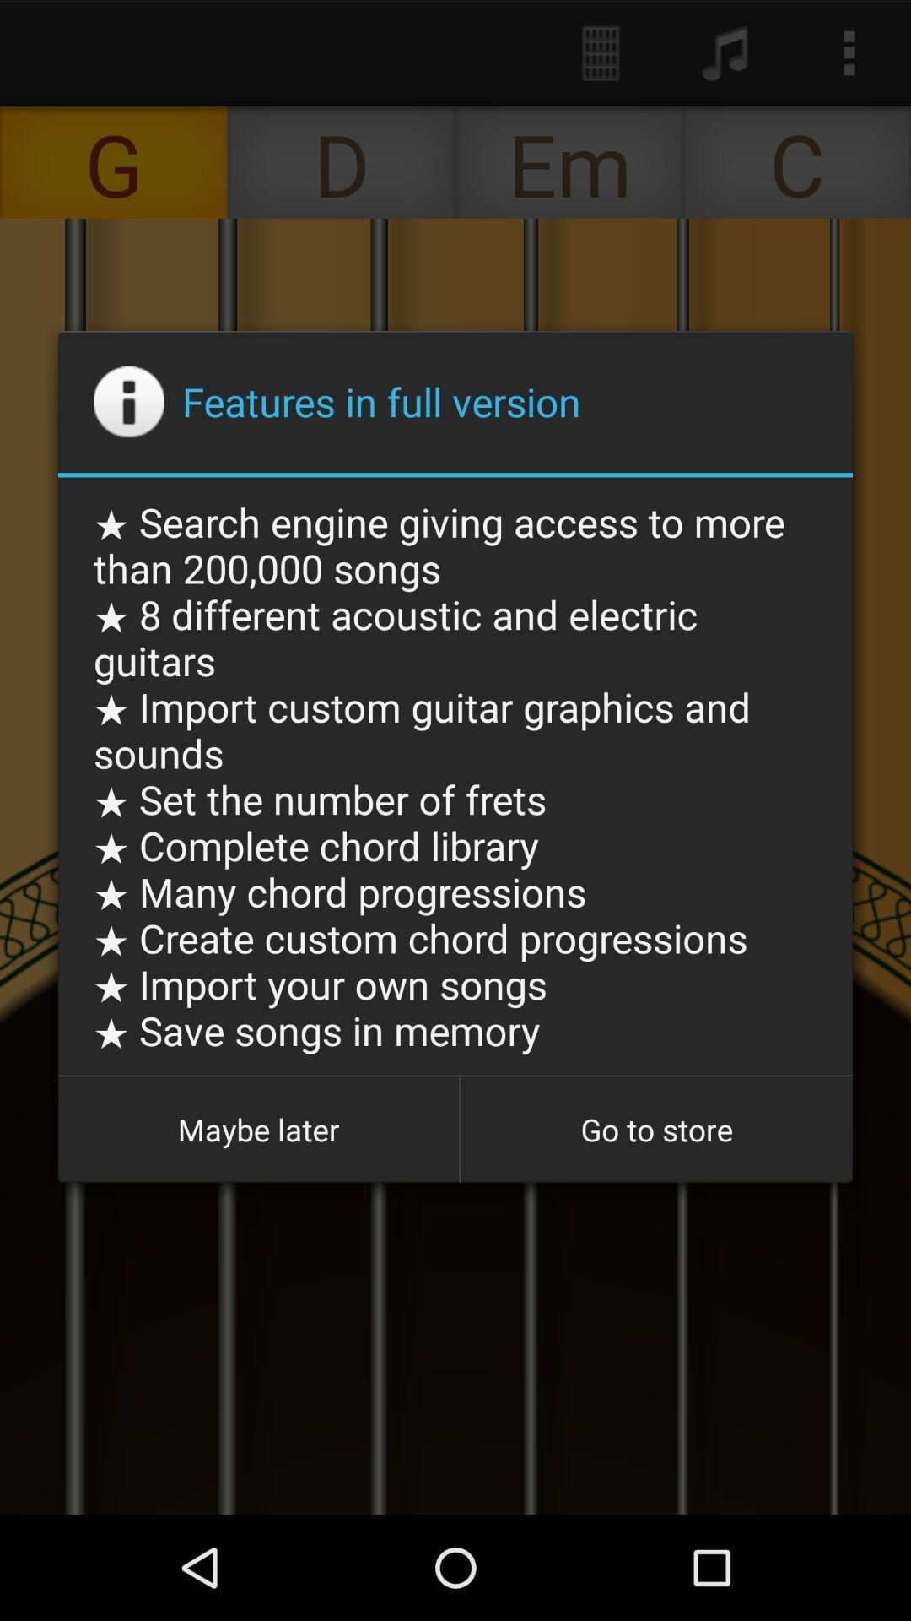 This screenshot has height=1621, width=911. Describe the element at coordinates (258, 1130) in the screenshot. I see `maybe later icon` at that location.